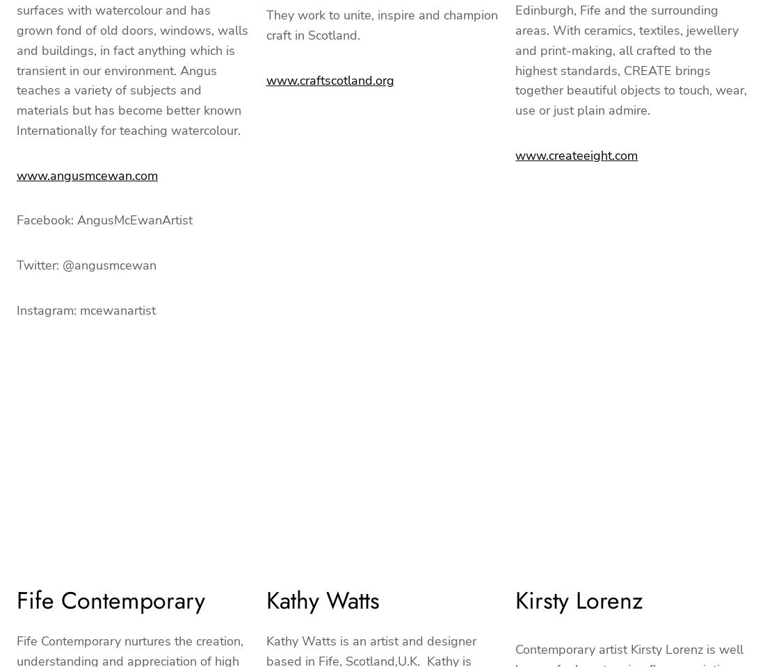 The width and height of the screenshot is (765, 667). Describe the element at coordinates (86, 264) in the screenshot. I see `'Twitter: @angusmcewan'` at that location.